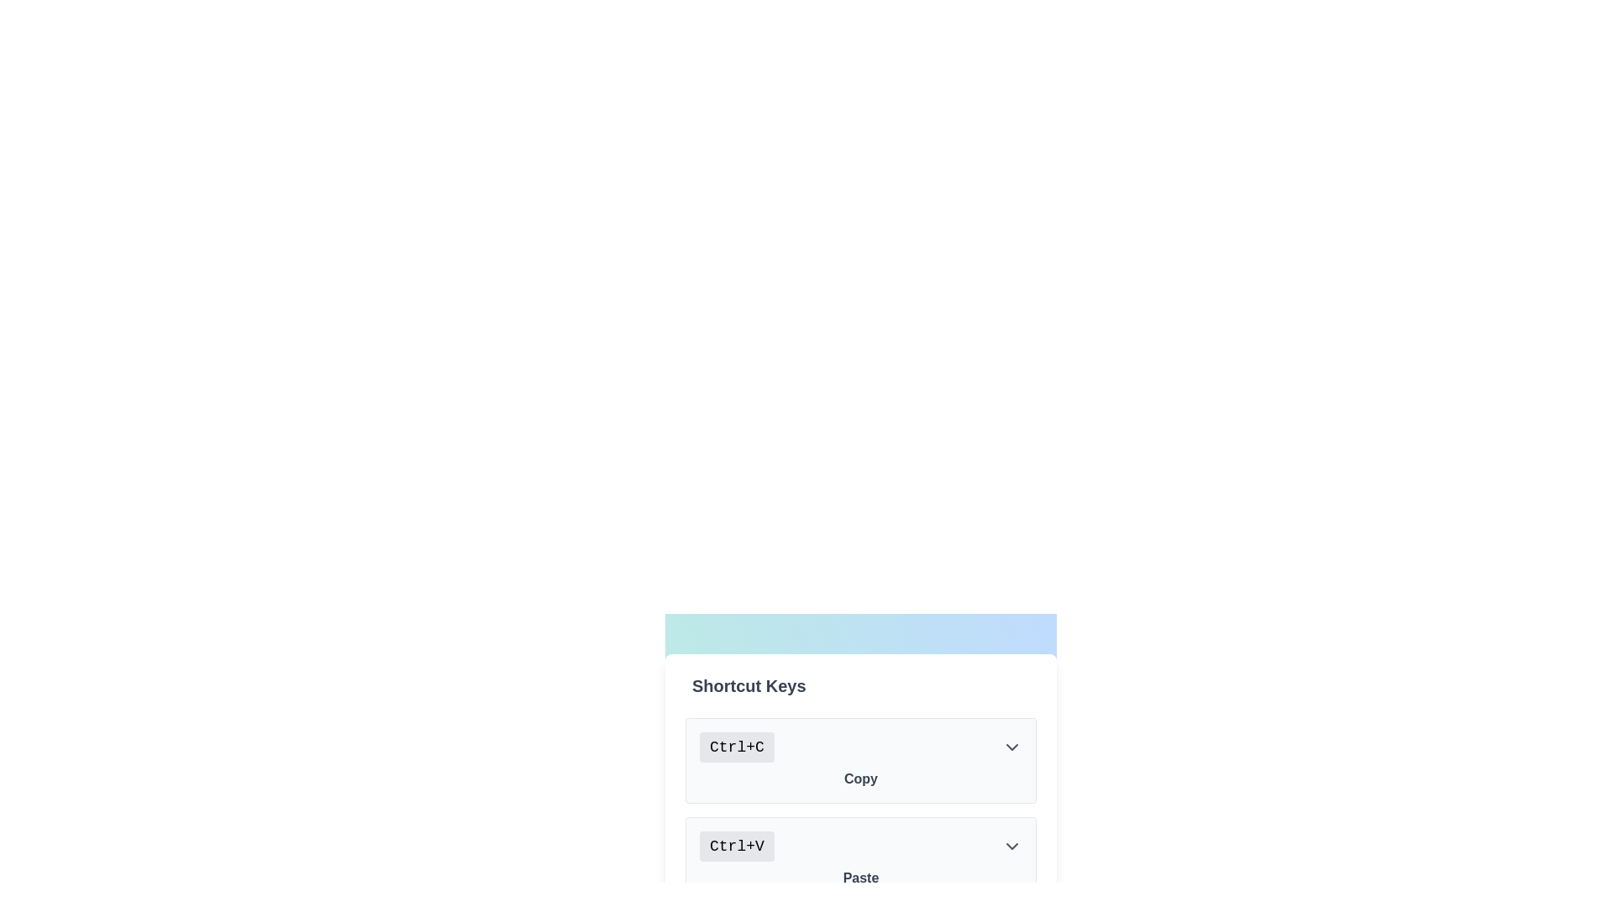  I want to click on the static text label indicating the action associated with the 'Ctrl+C' shortcut key located directly beneath the 'Ctrl+C' label, so click(861, 779).